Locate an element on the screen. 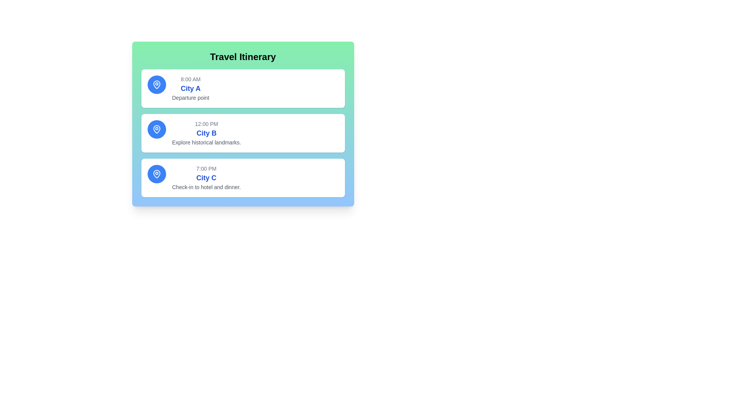  the itinerary step information card located at the bottom of the list, which provides details about an activity scheduled at a specific time and location is located at coordinates (242, 178).